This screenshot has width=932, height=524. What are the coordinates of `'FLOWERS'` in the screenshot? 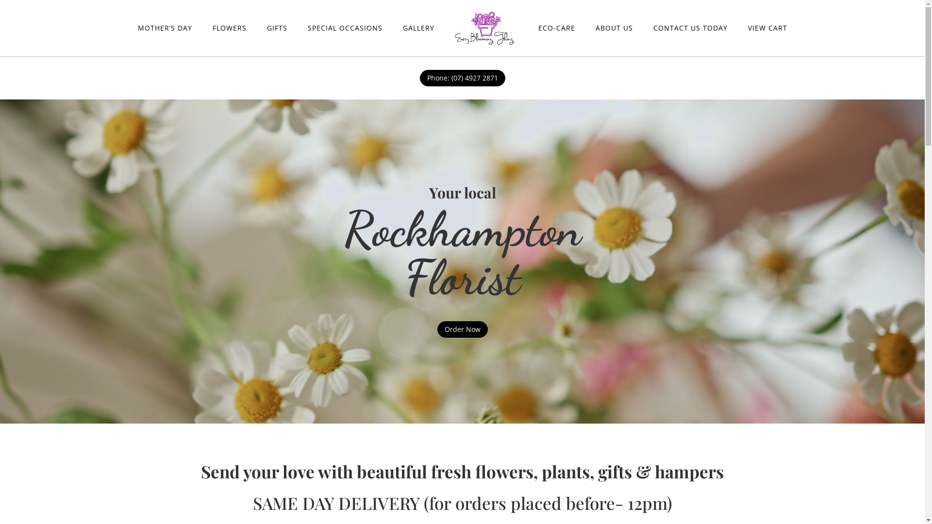 It's located at (229, 27).